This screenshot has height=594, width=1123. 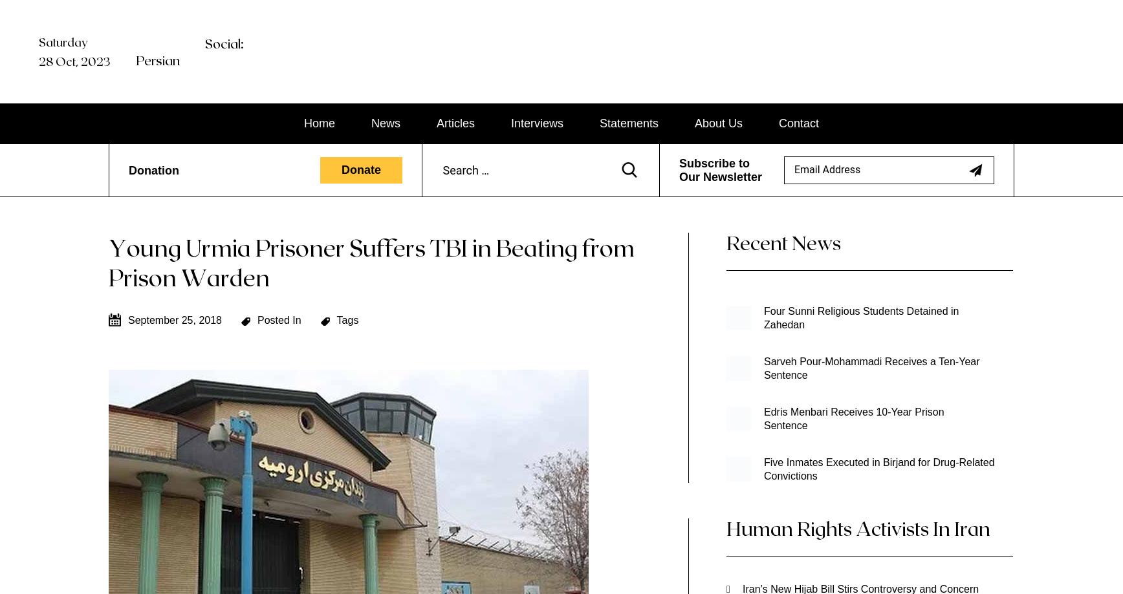 I want to click on '28 Oct, 2023', so click(x=73, y=61).